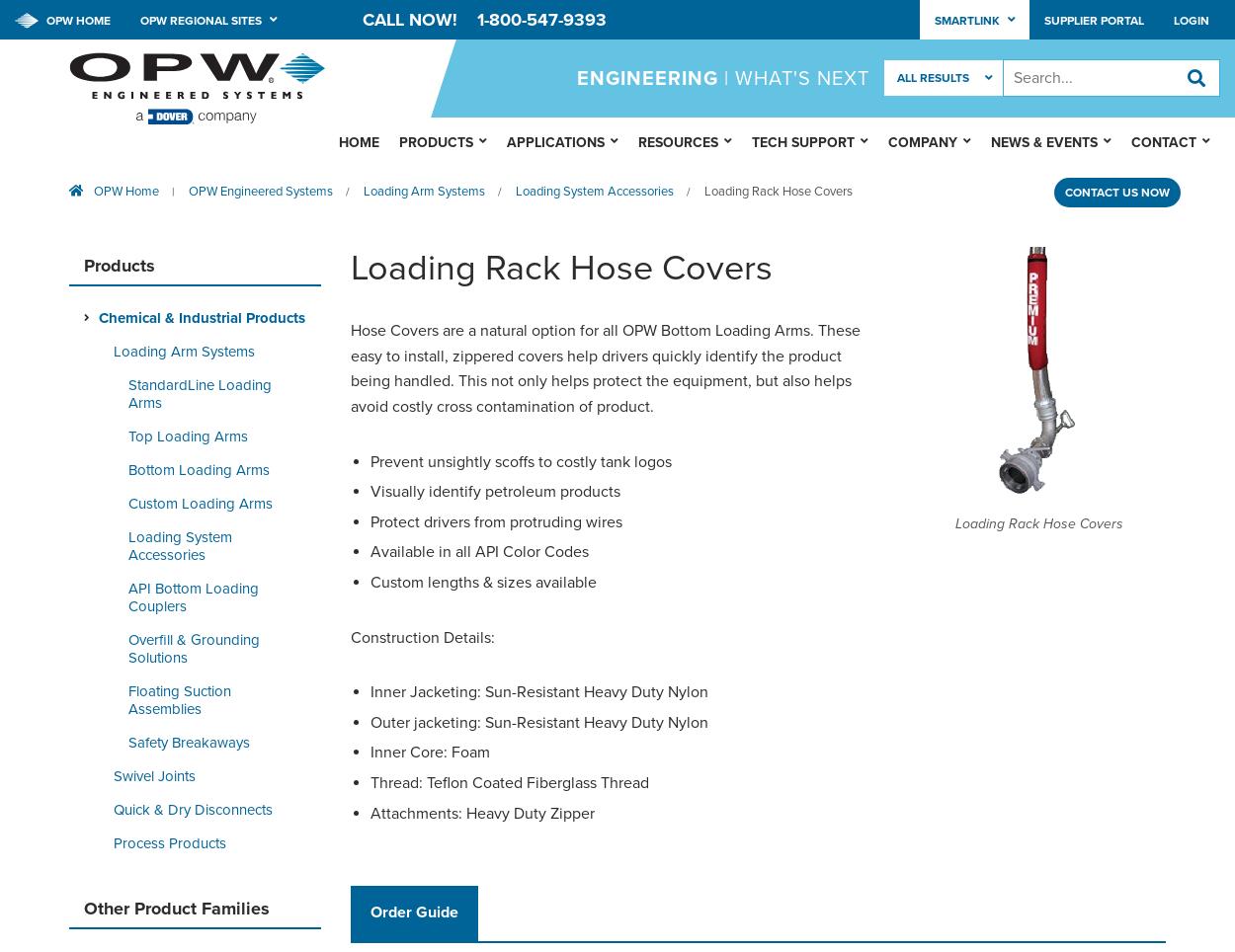  Describe the element at coordinates (188, 742) in the screenshot. I see `'Safety Breakaways'` at that location.